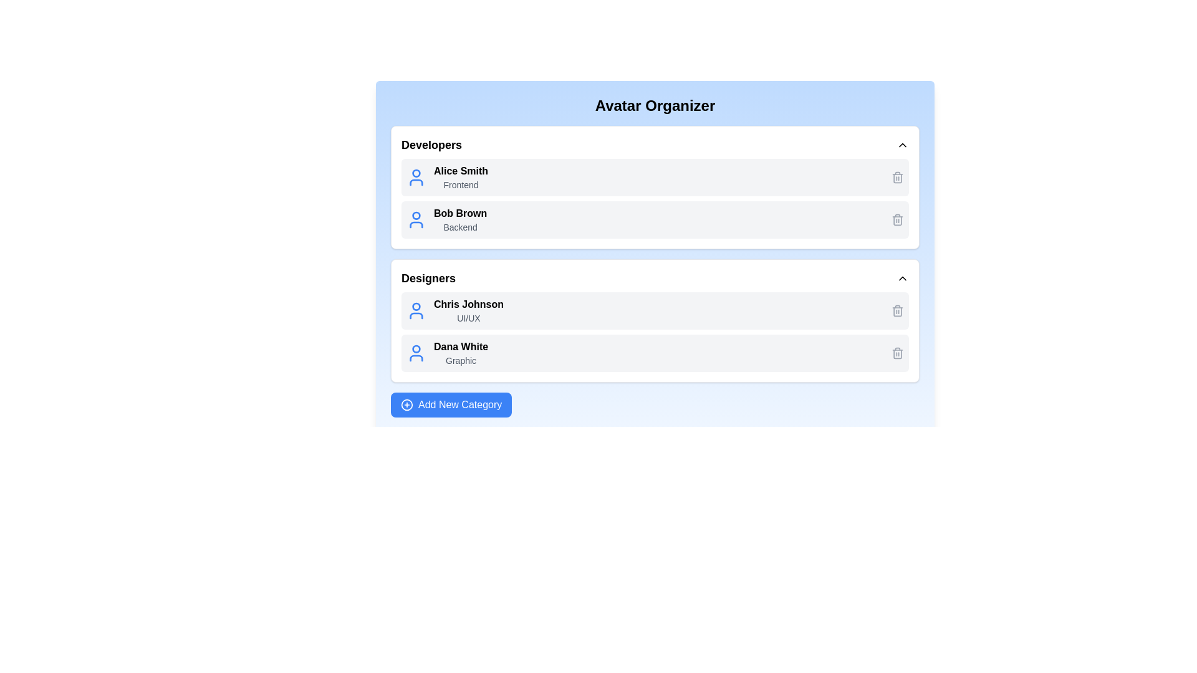 The width and height of the screenshot is (1197, 673). What do you see at coordinates (903, 144) in the screenshot?
I see `the Chevron icon located to the far right of the 'Developers' header` at bounding box center [903, 144].